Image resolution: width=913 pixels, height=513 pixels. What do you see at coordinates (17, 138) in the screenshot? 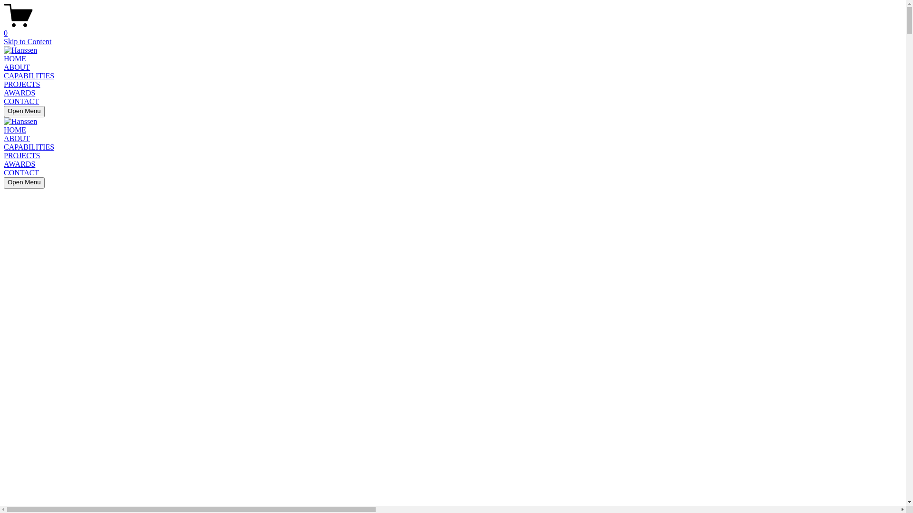
I see `'ABOUT'` at bounding box center [17, 138].